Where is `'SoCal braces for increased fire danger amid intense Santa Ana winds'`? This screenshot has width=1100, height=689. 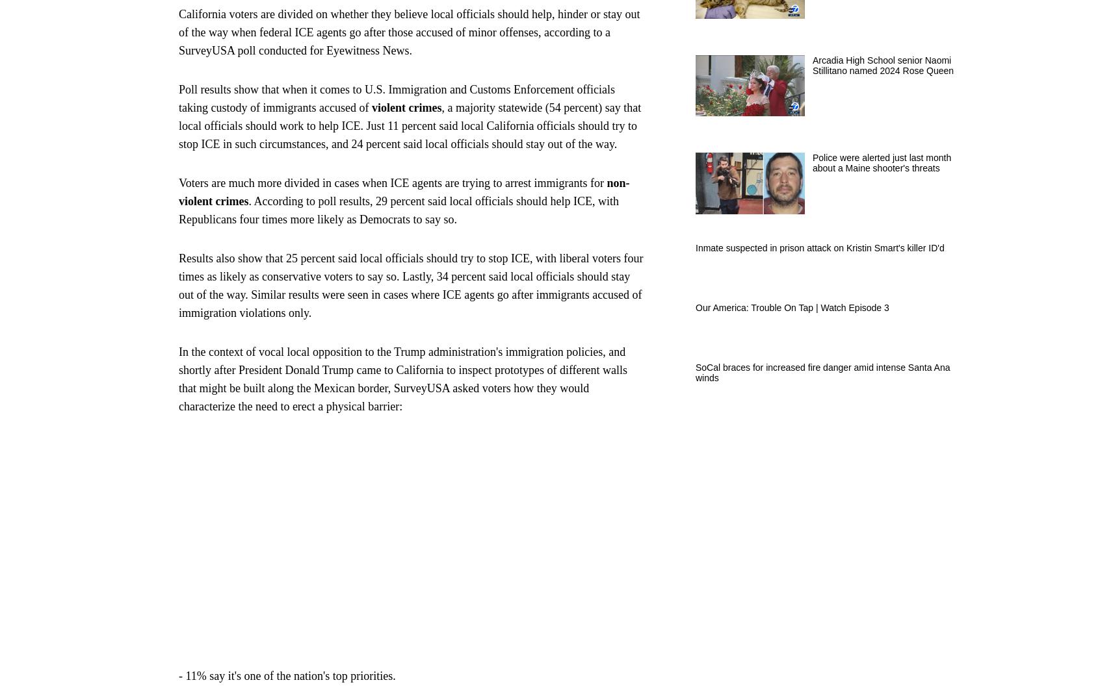 'SoCal braces for increased fire danger amid intense Santa Ana winds' is located at coordinates (822, 372).